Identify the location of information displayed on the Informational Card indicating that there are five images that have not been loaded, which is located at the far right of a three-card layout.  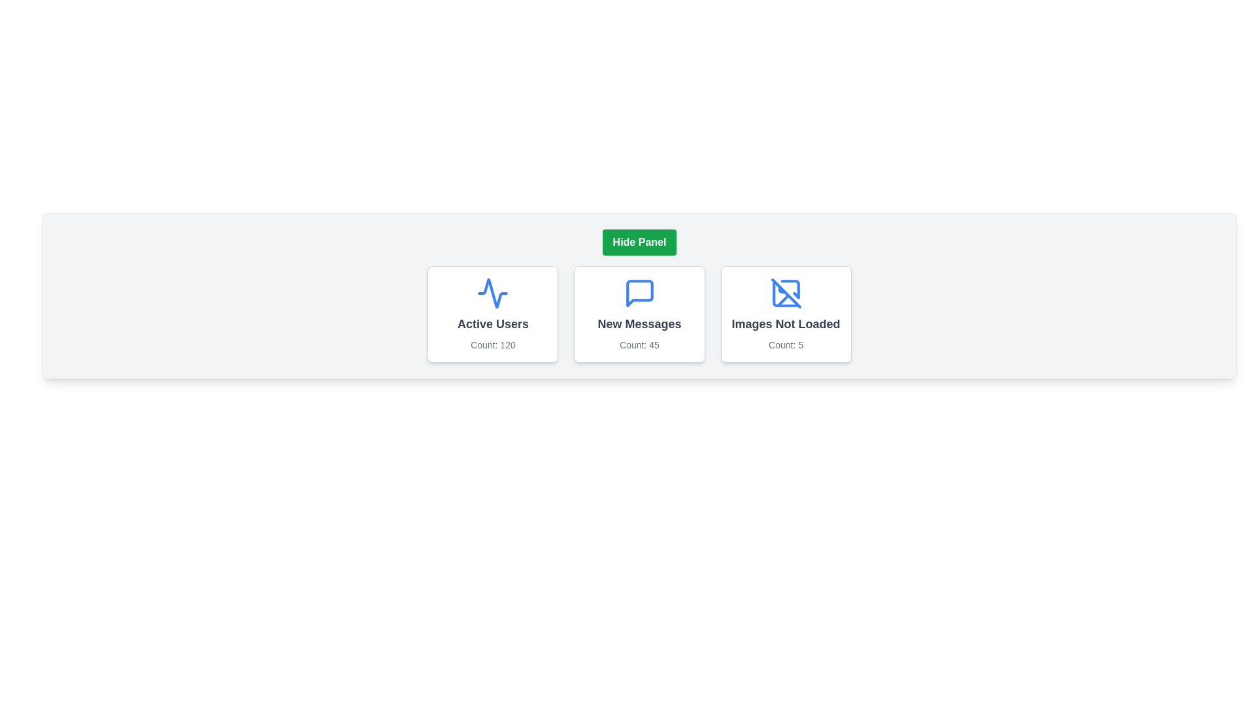
(785, 314).